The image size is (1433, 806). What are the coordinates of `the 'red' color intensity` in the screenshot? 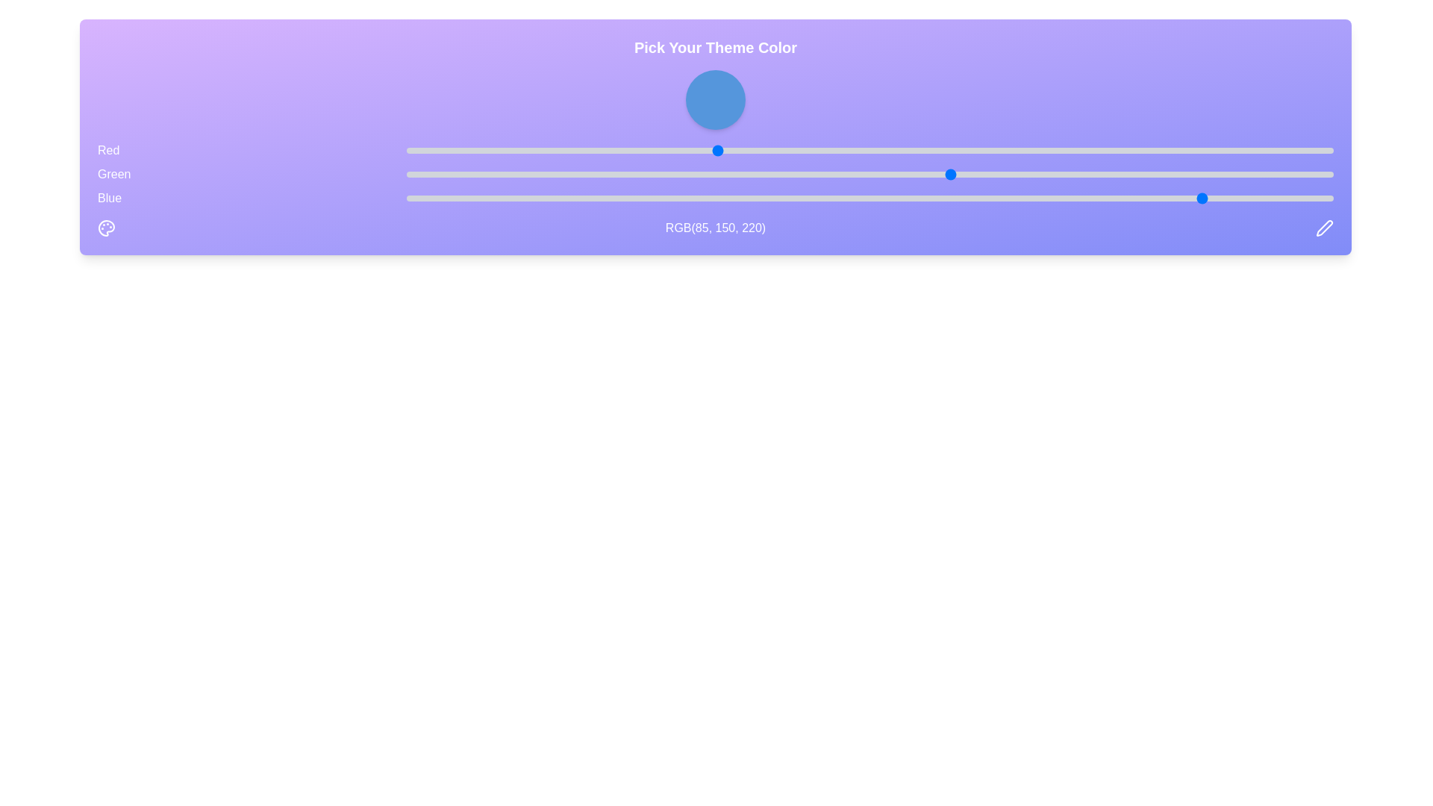 It's located at (639, 150).